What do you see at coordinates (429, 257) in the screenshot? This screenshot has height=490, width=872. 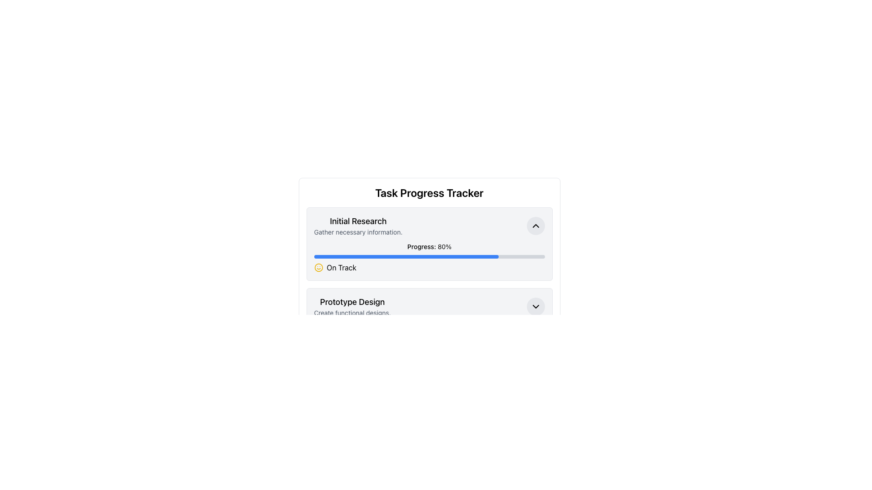 I see `the progress bar that visually represents 80% task completion, located below the label 'Progress: 80%' and above the text 'On Track'` at bounding box center [429, 257].